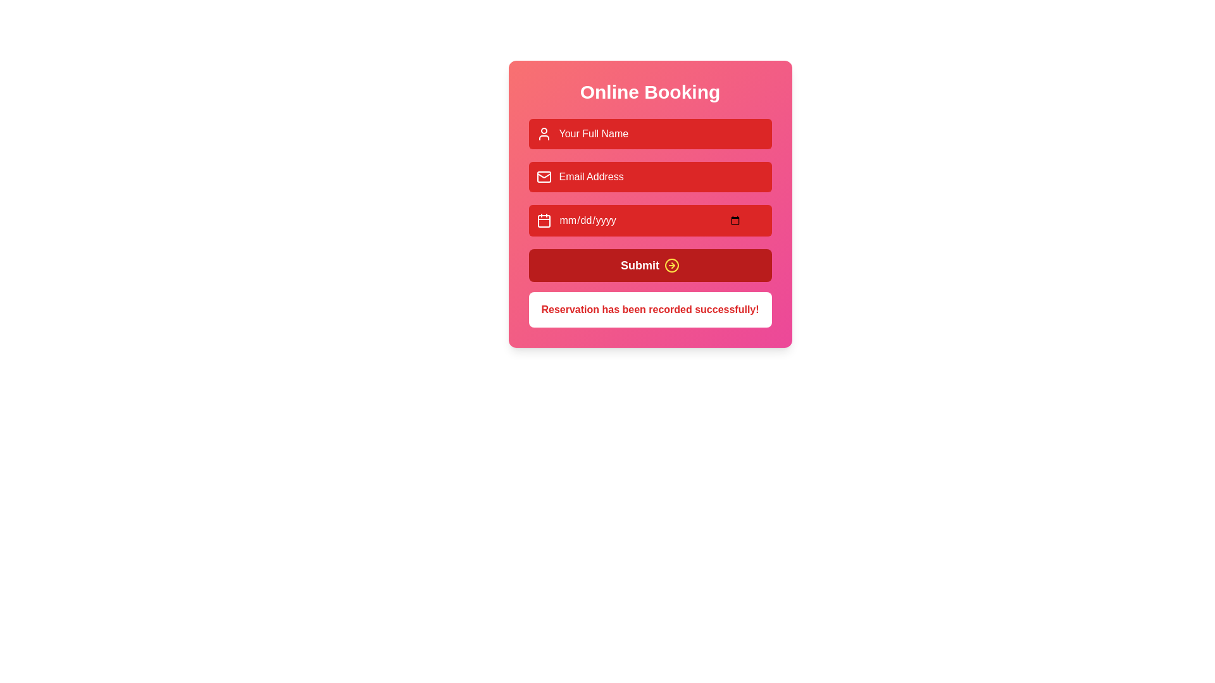 The width and height of the screenshot is (1215, 683). Describe the element at coordinates (544, 177) in the screenshot. I see `the envelope icon located at the top-left of the email address input field, which is the second item in the vertical stack of input fields` at that location.